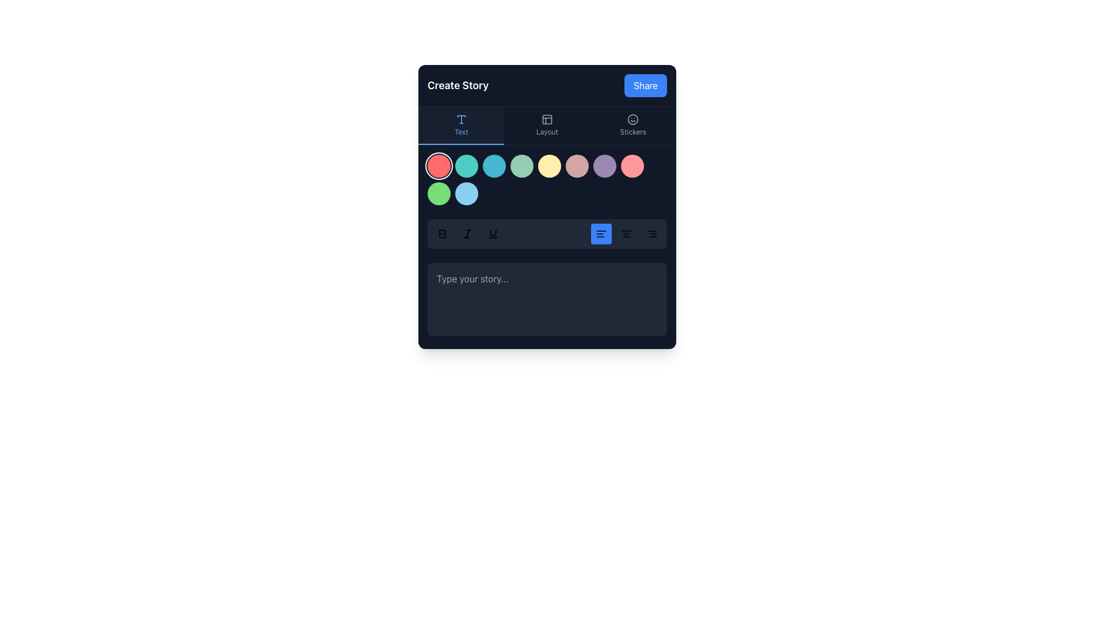 Image resolution: width=1105 pixels, height=621 pixels. What do you see at coordinates (458, 85) in the screenshot?
I see `the Text Label that serves as a title or heading for the panel, indicating its purpose related to creating stories, located at the top-left corner of the panel` at bounding box center [458, 85].